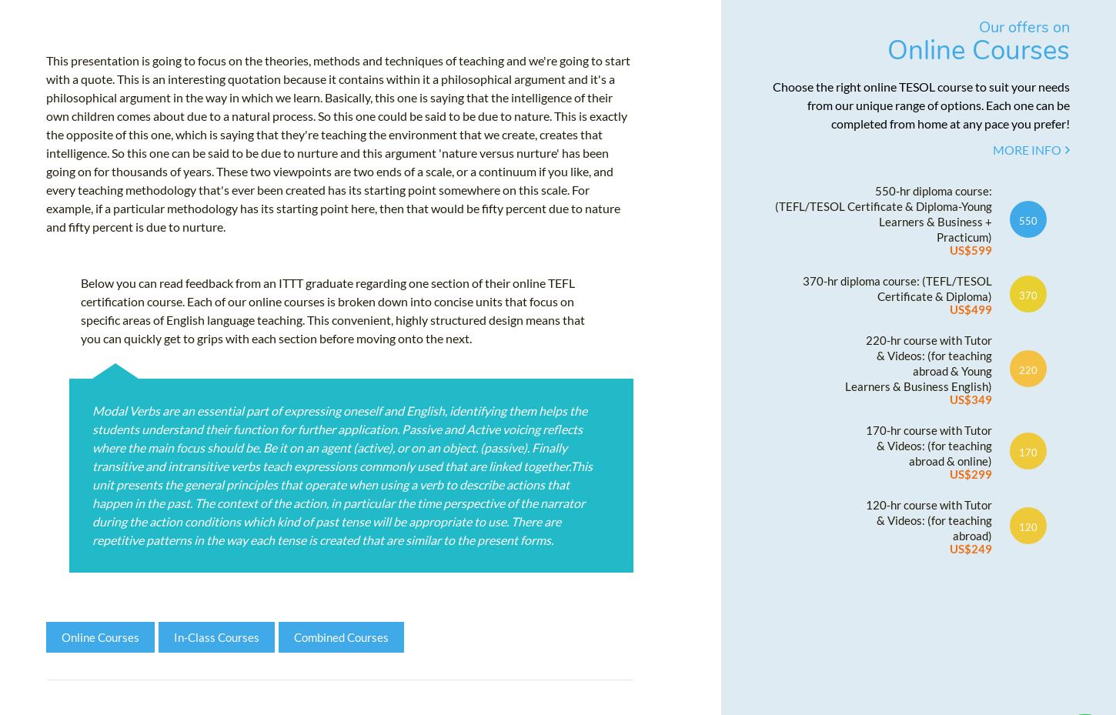 The image size is (1116, 715). What do you see at coordinates (917, 393) in the screenshot?
I see `'Learners & Business English)'` at bounding box center [917, 393].